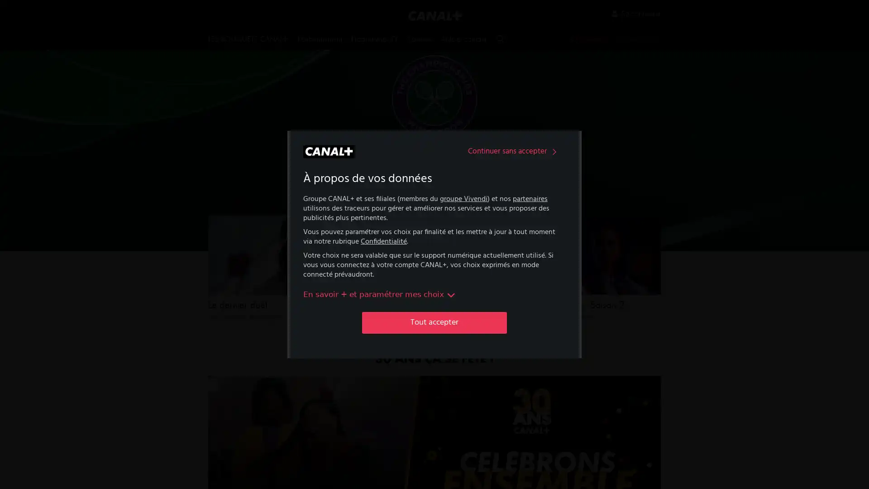 The width and height of the screenshot is (869, 489). What do you see at coordinates (434, 247) in the screenshot?
I see `Guinee` at bounding box center [434, 247].